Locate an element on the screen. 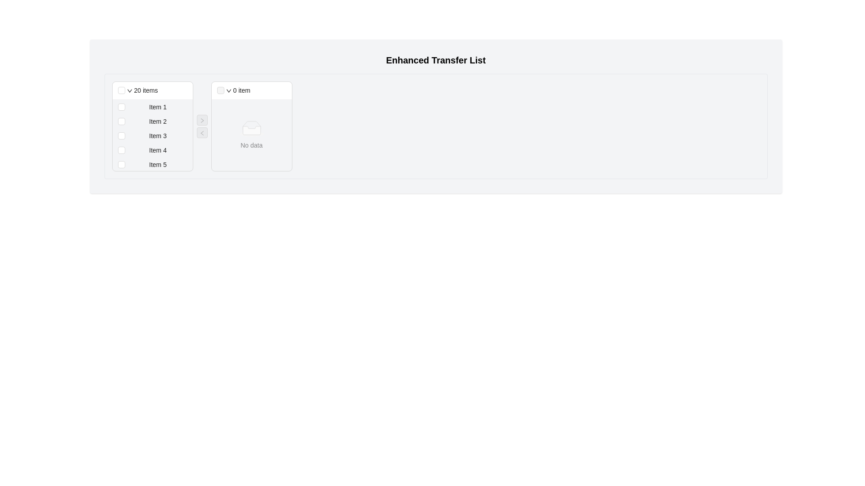 This screenshot has width=865, height=486. an entry in the selectable list component that has a header reading '20 items' and contains checkboxes for each item is located at coordinates (152, 126).